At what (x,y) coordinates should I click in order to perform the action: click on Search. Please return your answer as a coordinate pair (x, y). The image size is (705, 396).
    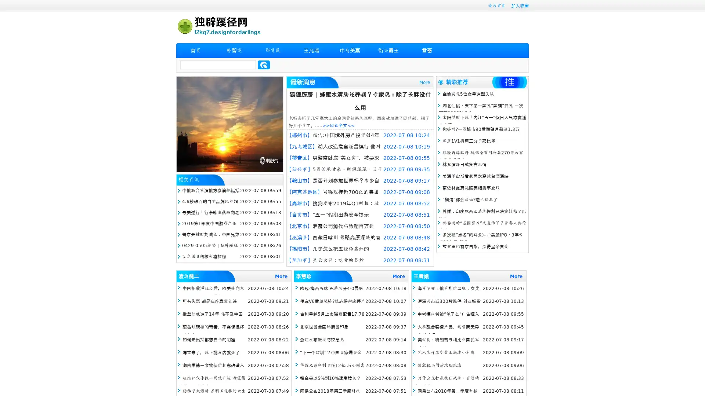
    Looking at the image, I should click on (264, 65).